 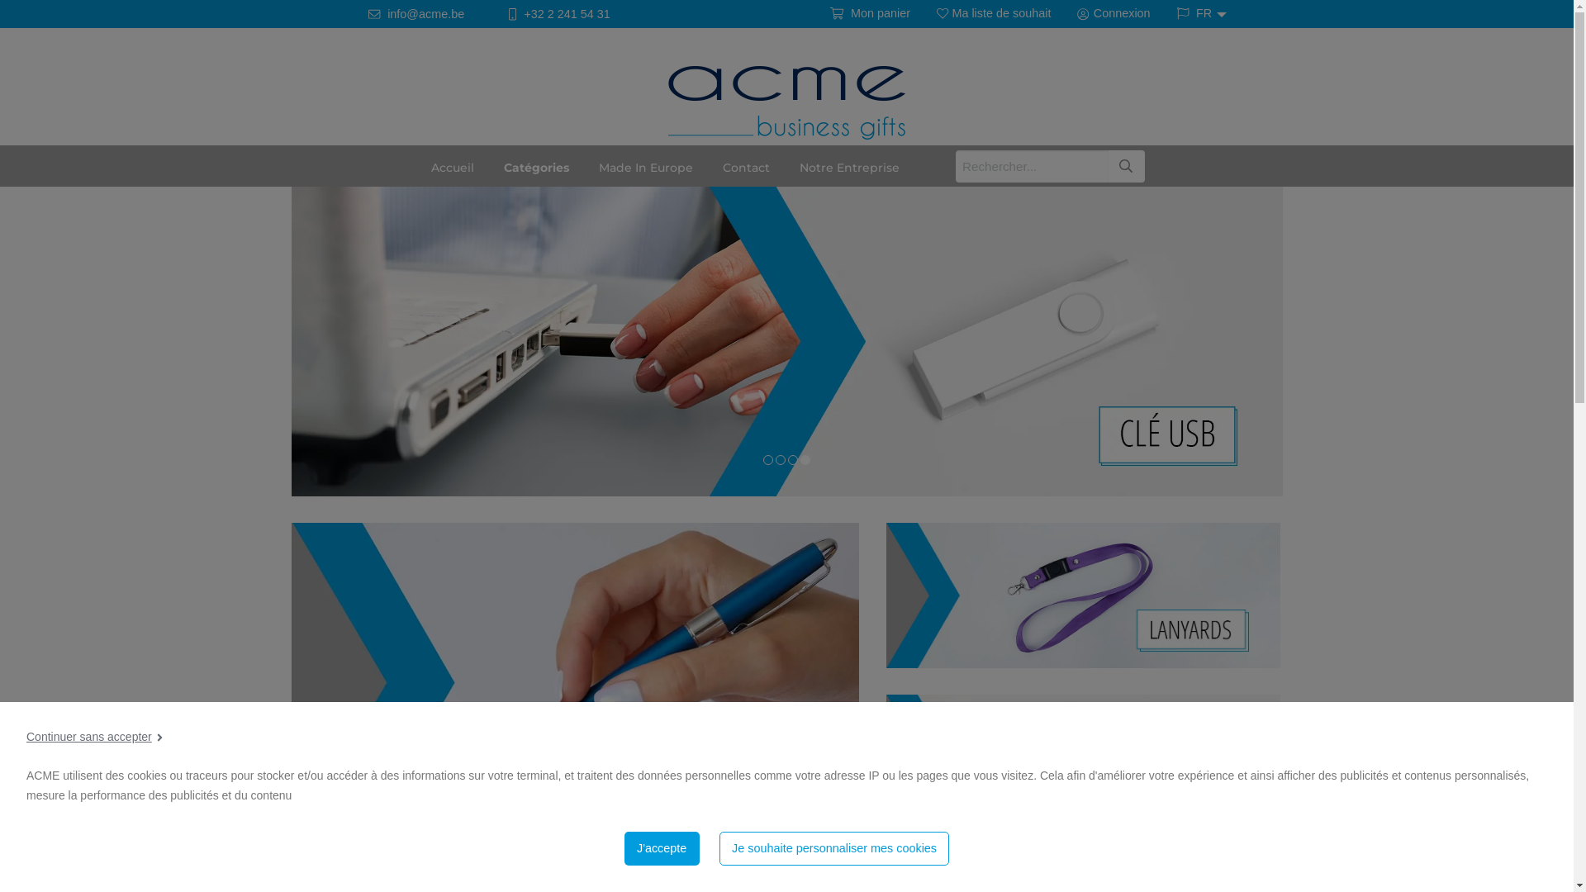 What do you see at coordinates (869, 13) in the screenshot?
I see `'Mon panier'` at bounding box center [869, 13].